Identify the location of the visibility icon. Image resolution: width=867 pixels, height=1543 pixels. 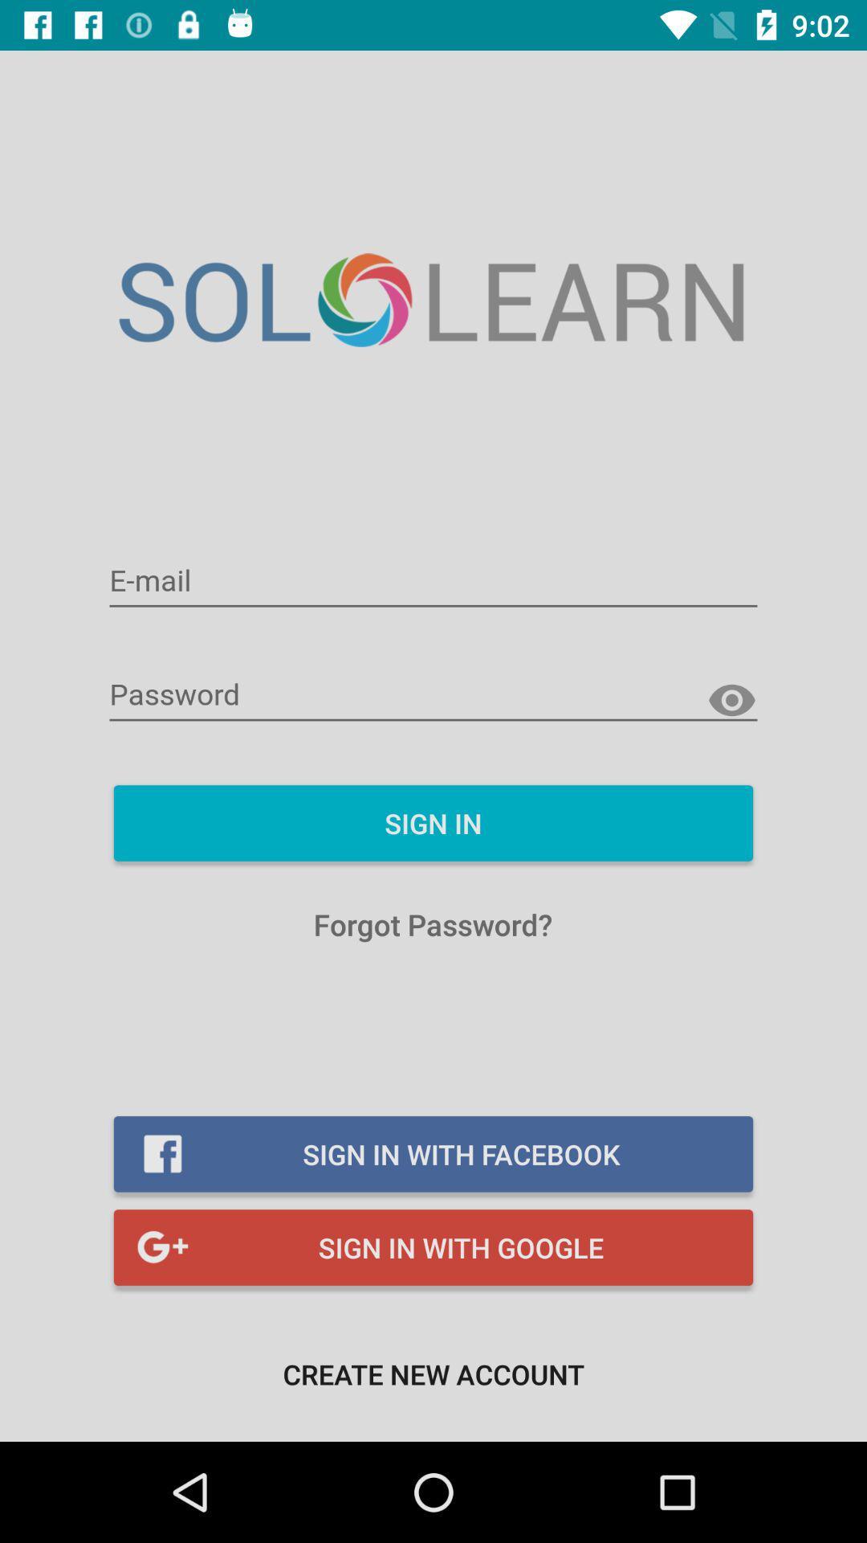
(731, 701).